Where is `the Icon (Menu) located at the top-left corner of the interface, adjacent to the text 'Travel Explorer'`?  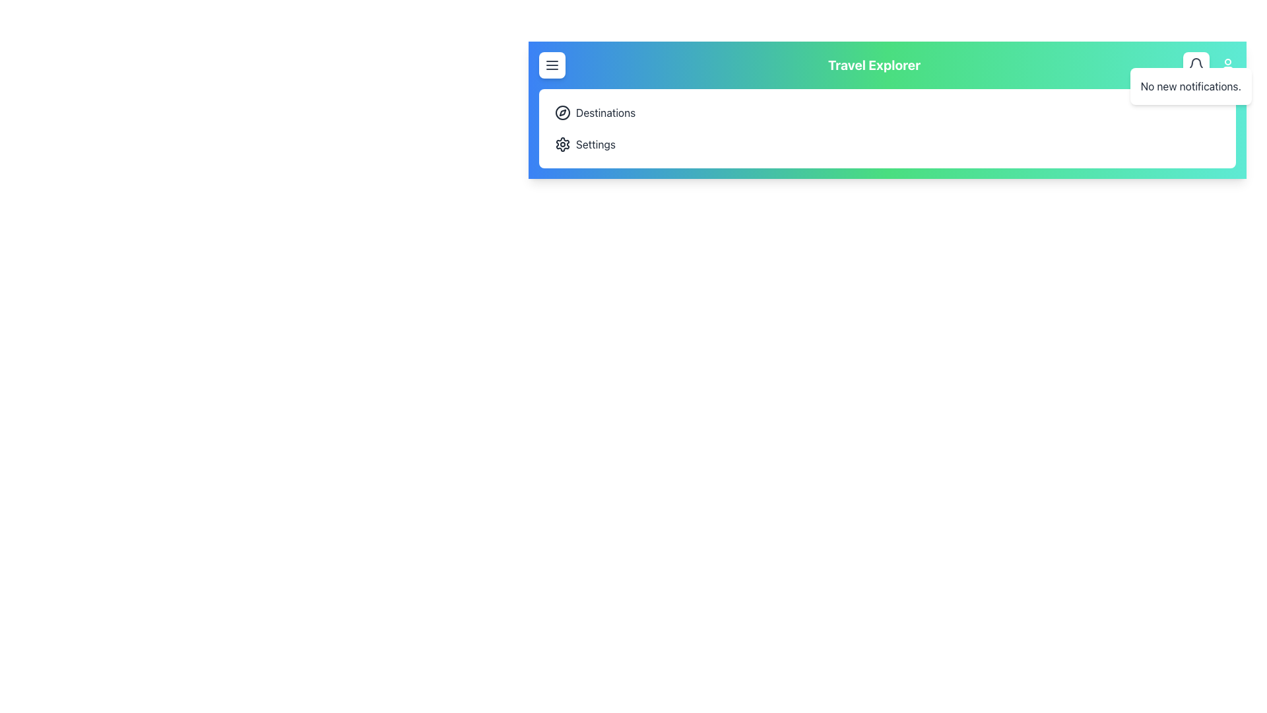
the Icon (Menu) located at the top-left corner of the interface, adjacent to the text 'Travel Explorer' is located at coordinates (552, 65).